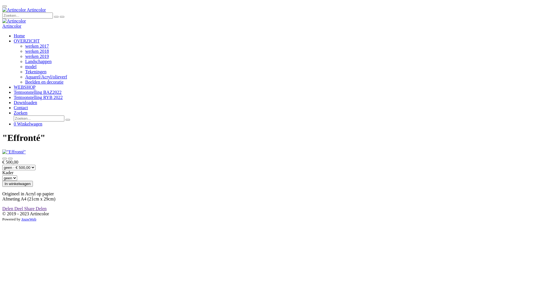 The image size is (549, 308). I want to click on 'Tekeningen', so click(25, 71).